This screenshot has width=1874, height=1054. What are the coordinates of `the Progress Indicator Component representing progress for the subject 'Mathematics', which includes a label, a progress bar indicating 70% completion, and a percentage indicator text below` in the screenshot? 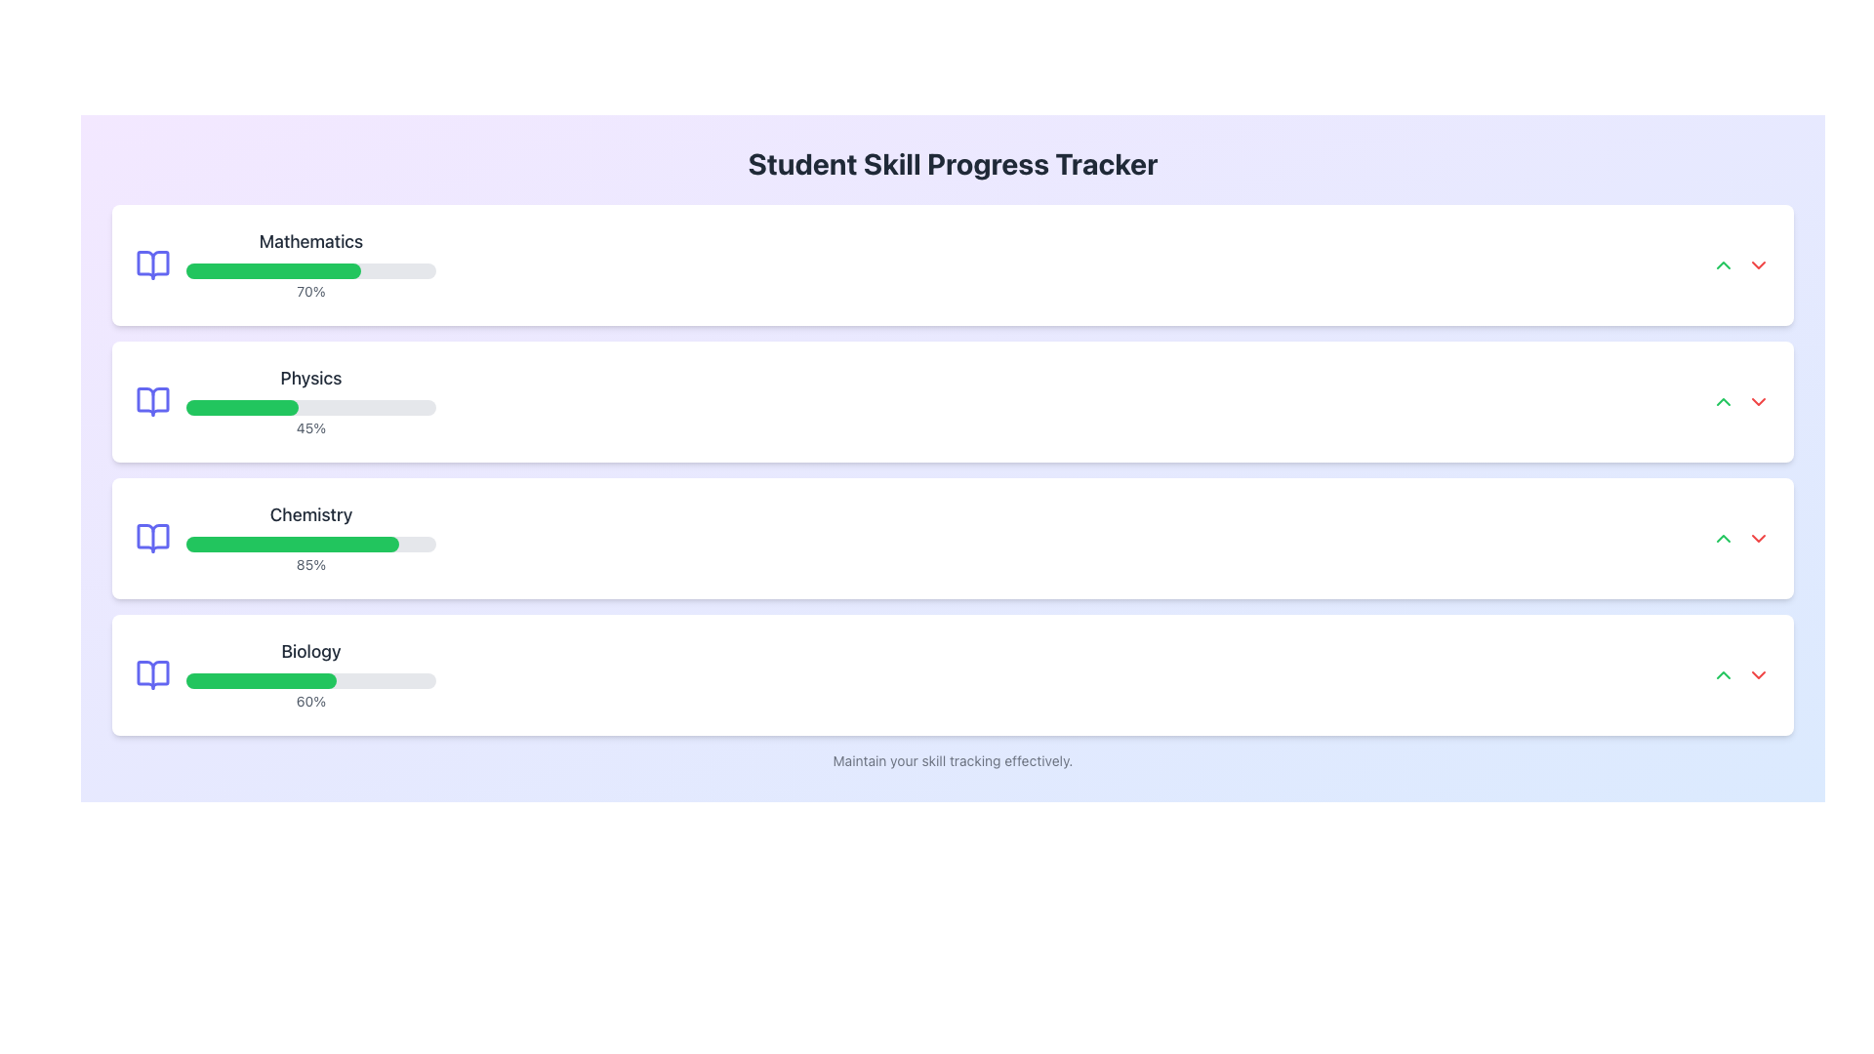 It's located at (284, 265).